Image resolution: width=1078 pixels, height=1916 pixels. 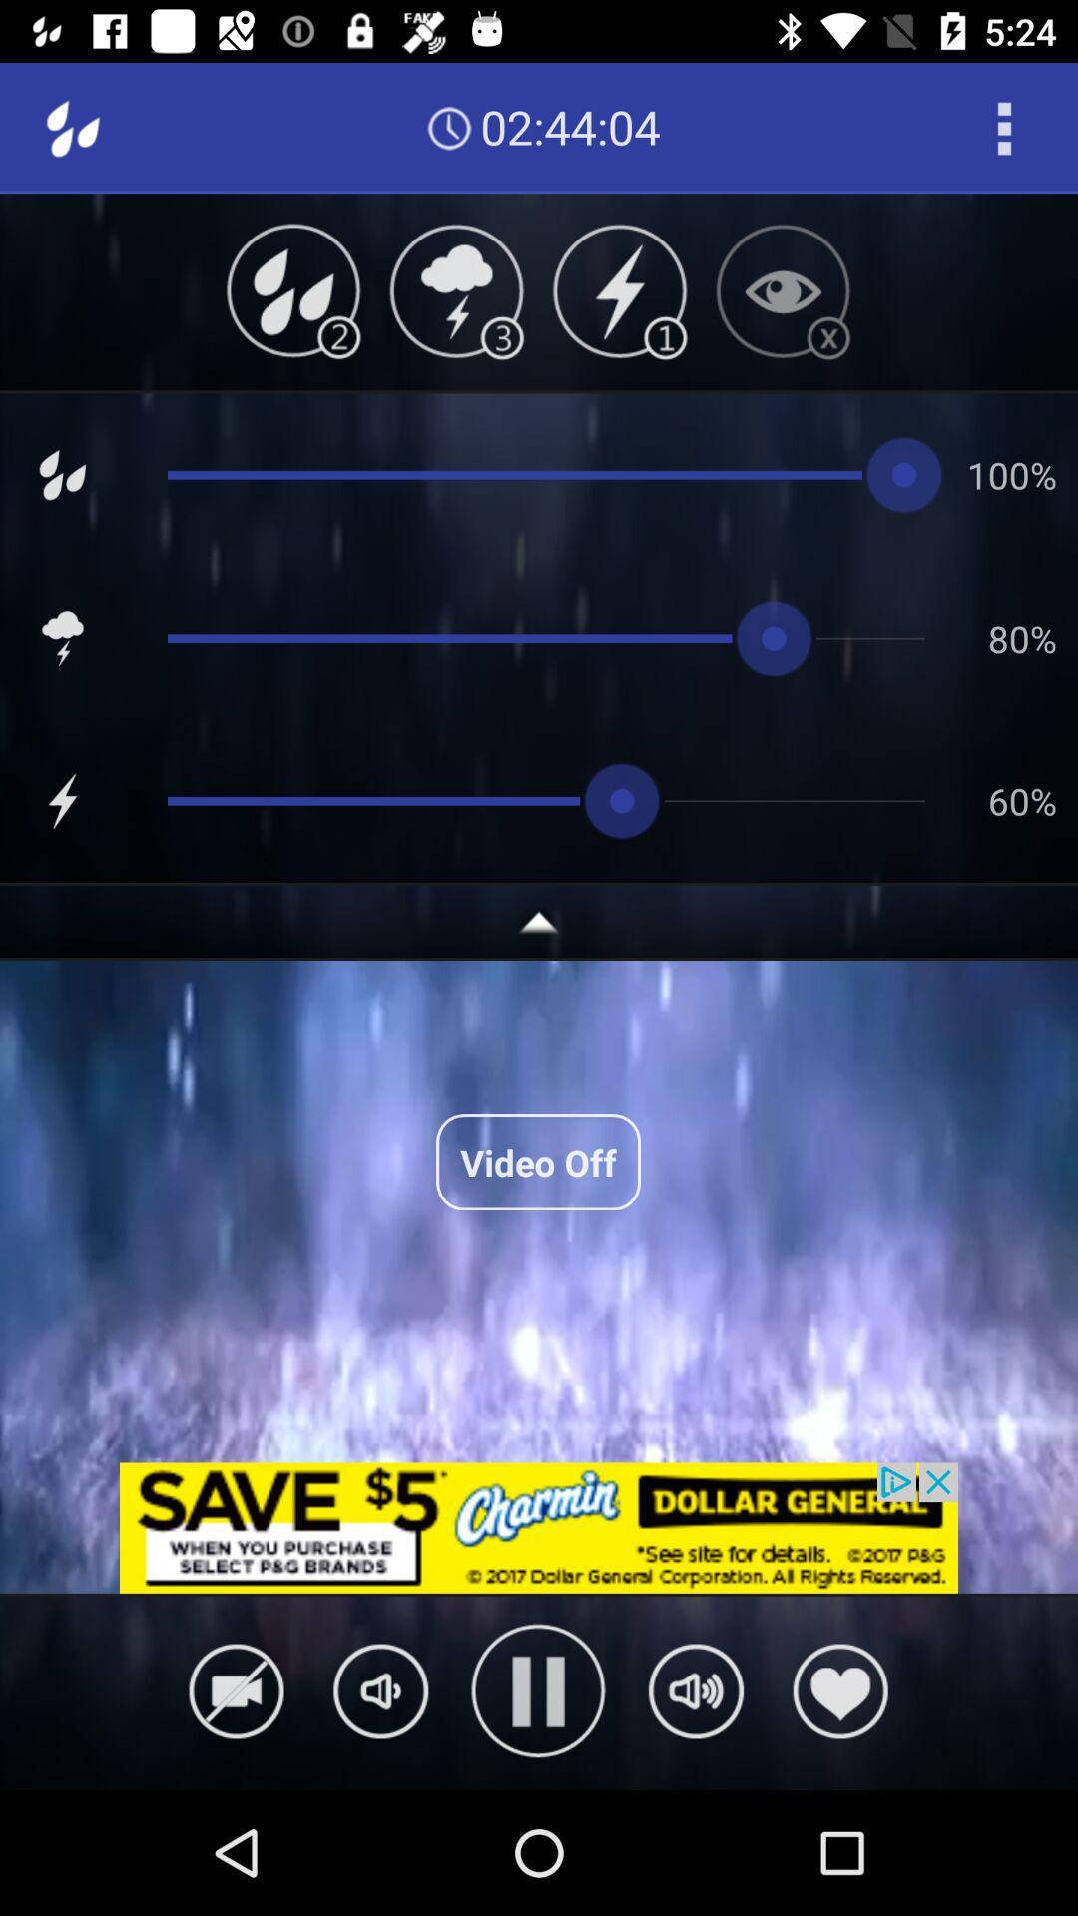 I want to click on the favorite icon, so click(x=840, y=1689).